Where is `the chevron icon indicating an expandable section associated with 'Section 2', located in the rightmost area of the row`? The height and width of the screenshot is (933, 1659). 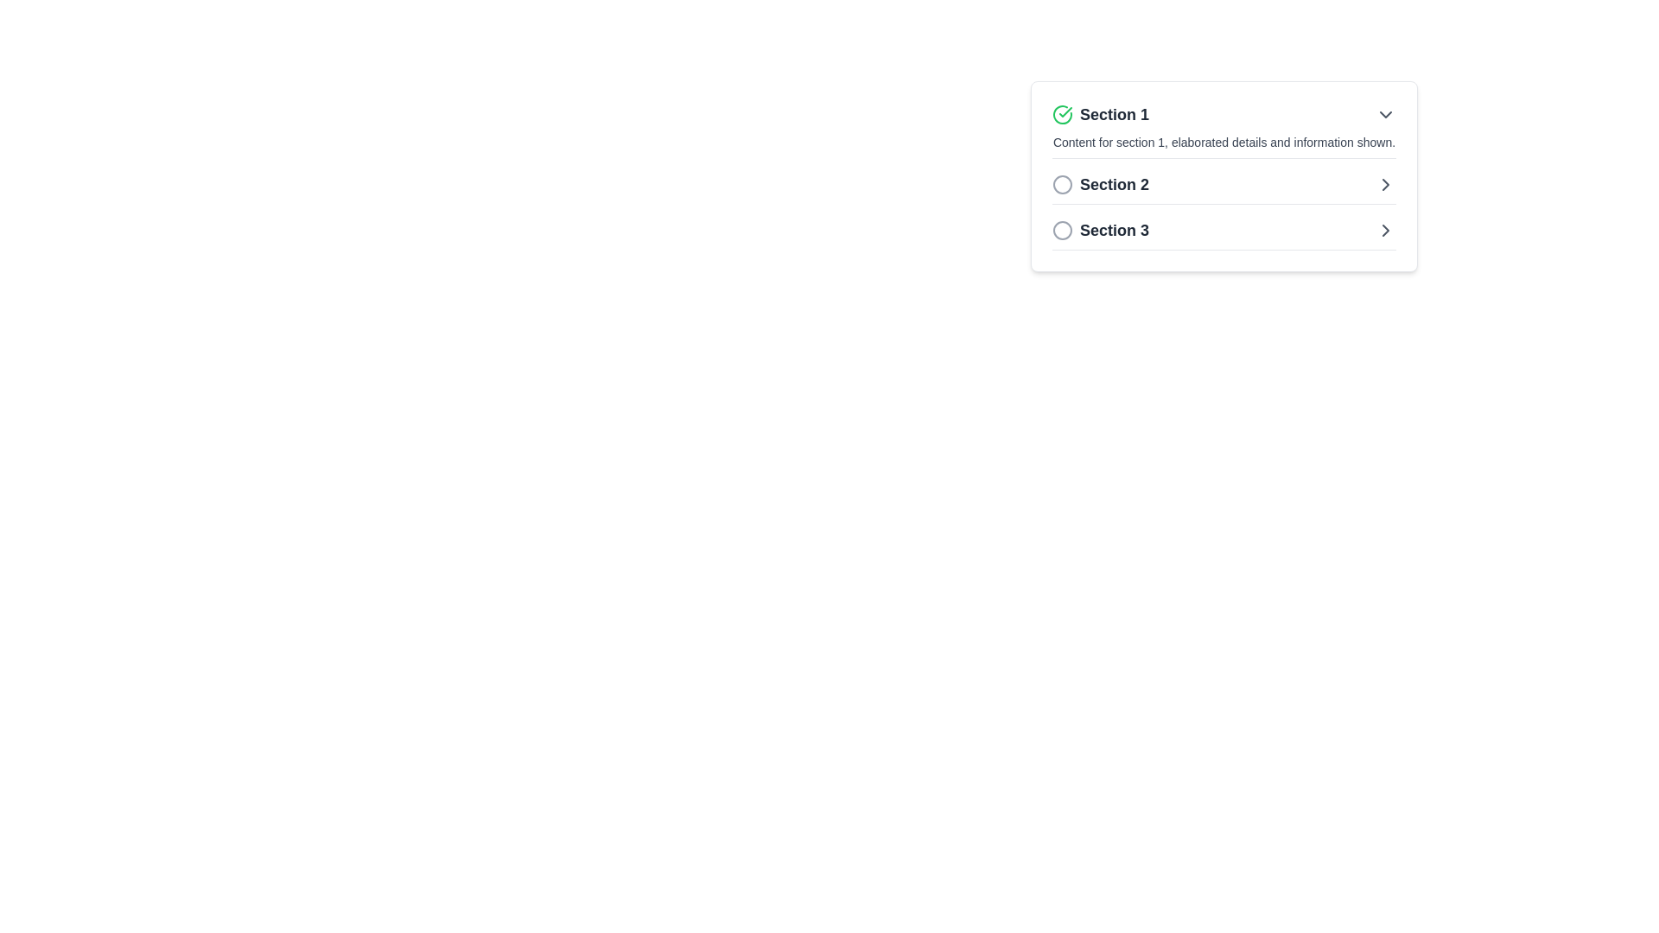 the chevron icon indicating an expandable section associated with 'Section 2', located in the rightmost area of the row is located at coordinates (1385, 184).